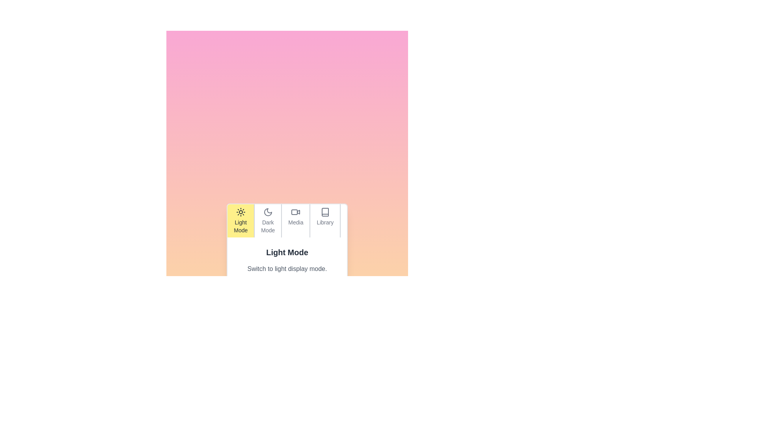 This screenshot has height=426, width=757. Describe the element at coordinates (324, 220) in the screenshot. I see `the tab labeled Library` at that location.